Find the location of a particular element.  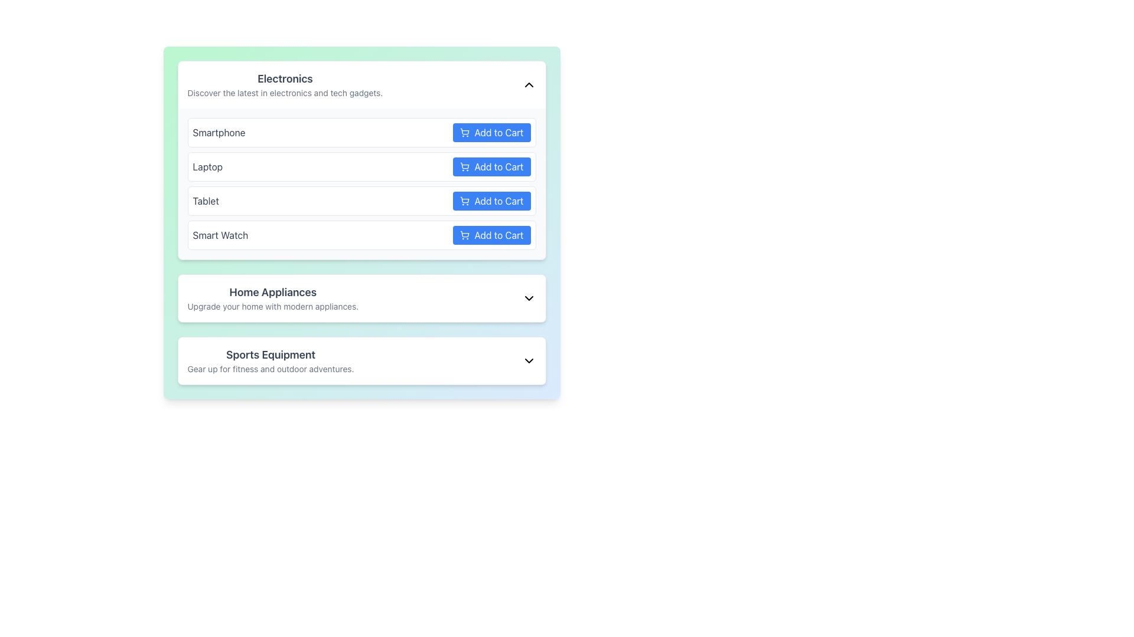

the static text label indicating 'Tablet' in the product list, which is the first item to the left of the 'Add to Cart' button is located at coordinates (206, 200).